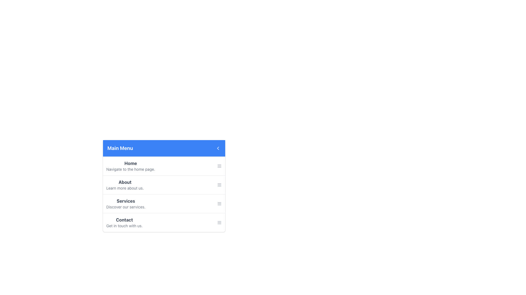 The image size is (526, 295). I want to click on descriptive text label that provides guidance about the 'Home' menu item in the 'Main Menu' section, located below the bold 'Home' title, so click(130, 169).